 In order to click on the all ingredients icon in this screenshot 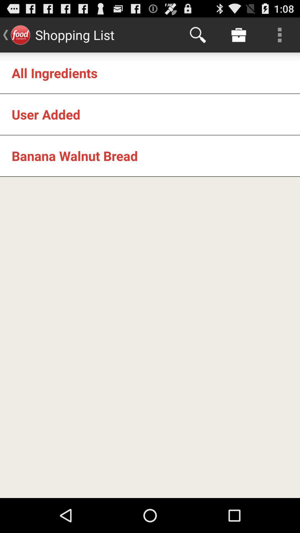, I will do `click(54, 72)`.